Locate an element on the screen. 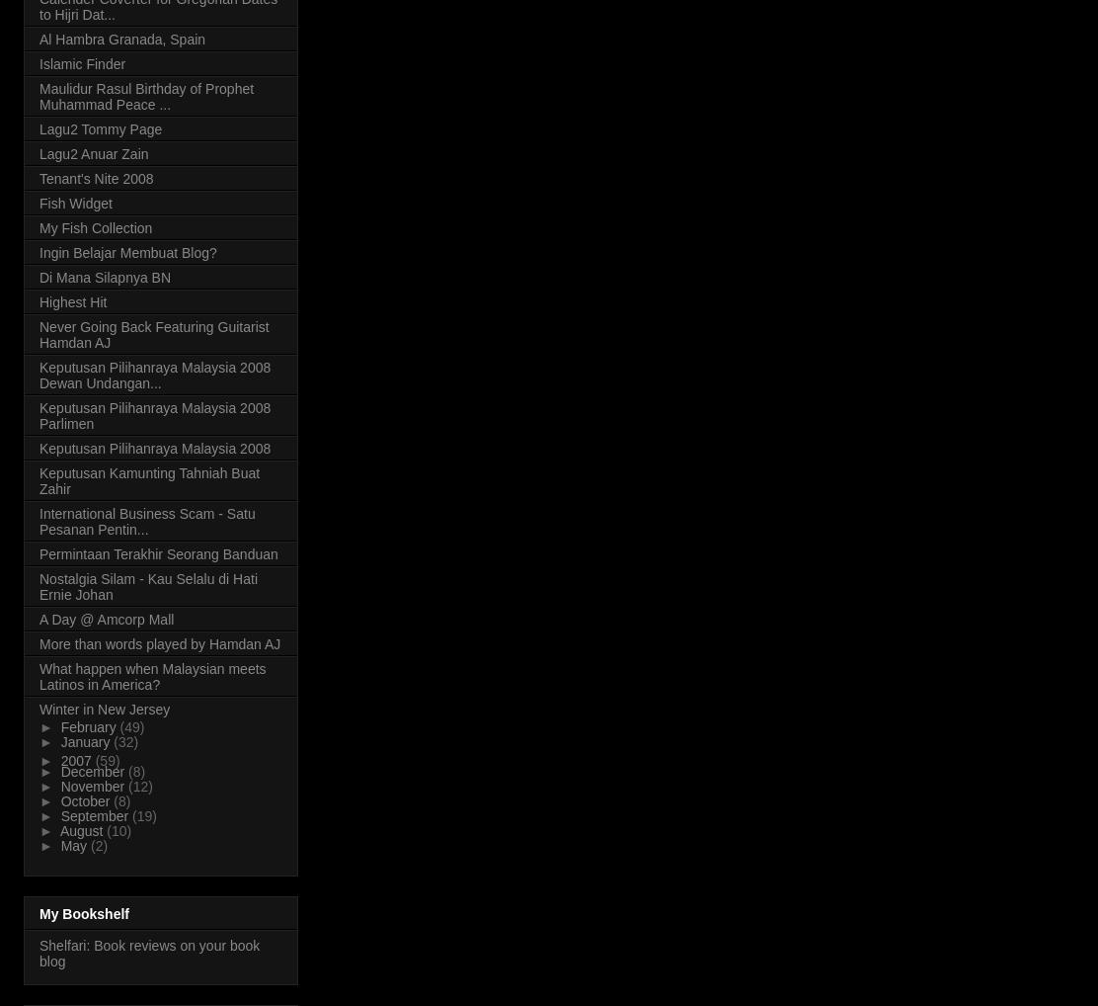  'Tenant's Nite 2008' is located at coordinates (95, 177).